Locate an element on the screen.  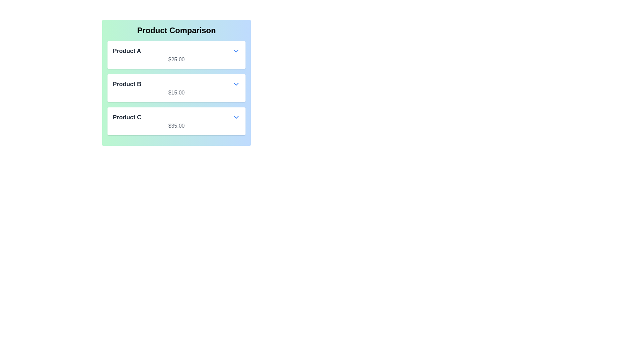
the blue downward chevron icon of the Dropdown trigger button associated with 'Product B' to change its color is located at coordinates (236, 84).